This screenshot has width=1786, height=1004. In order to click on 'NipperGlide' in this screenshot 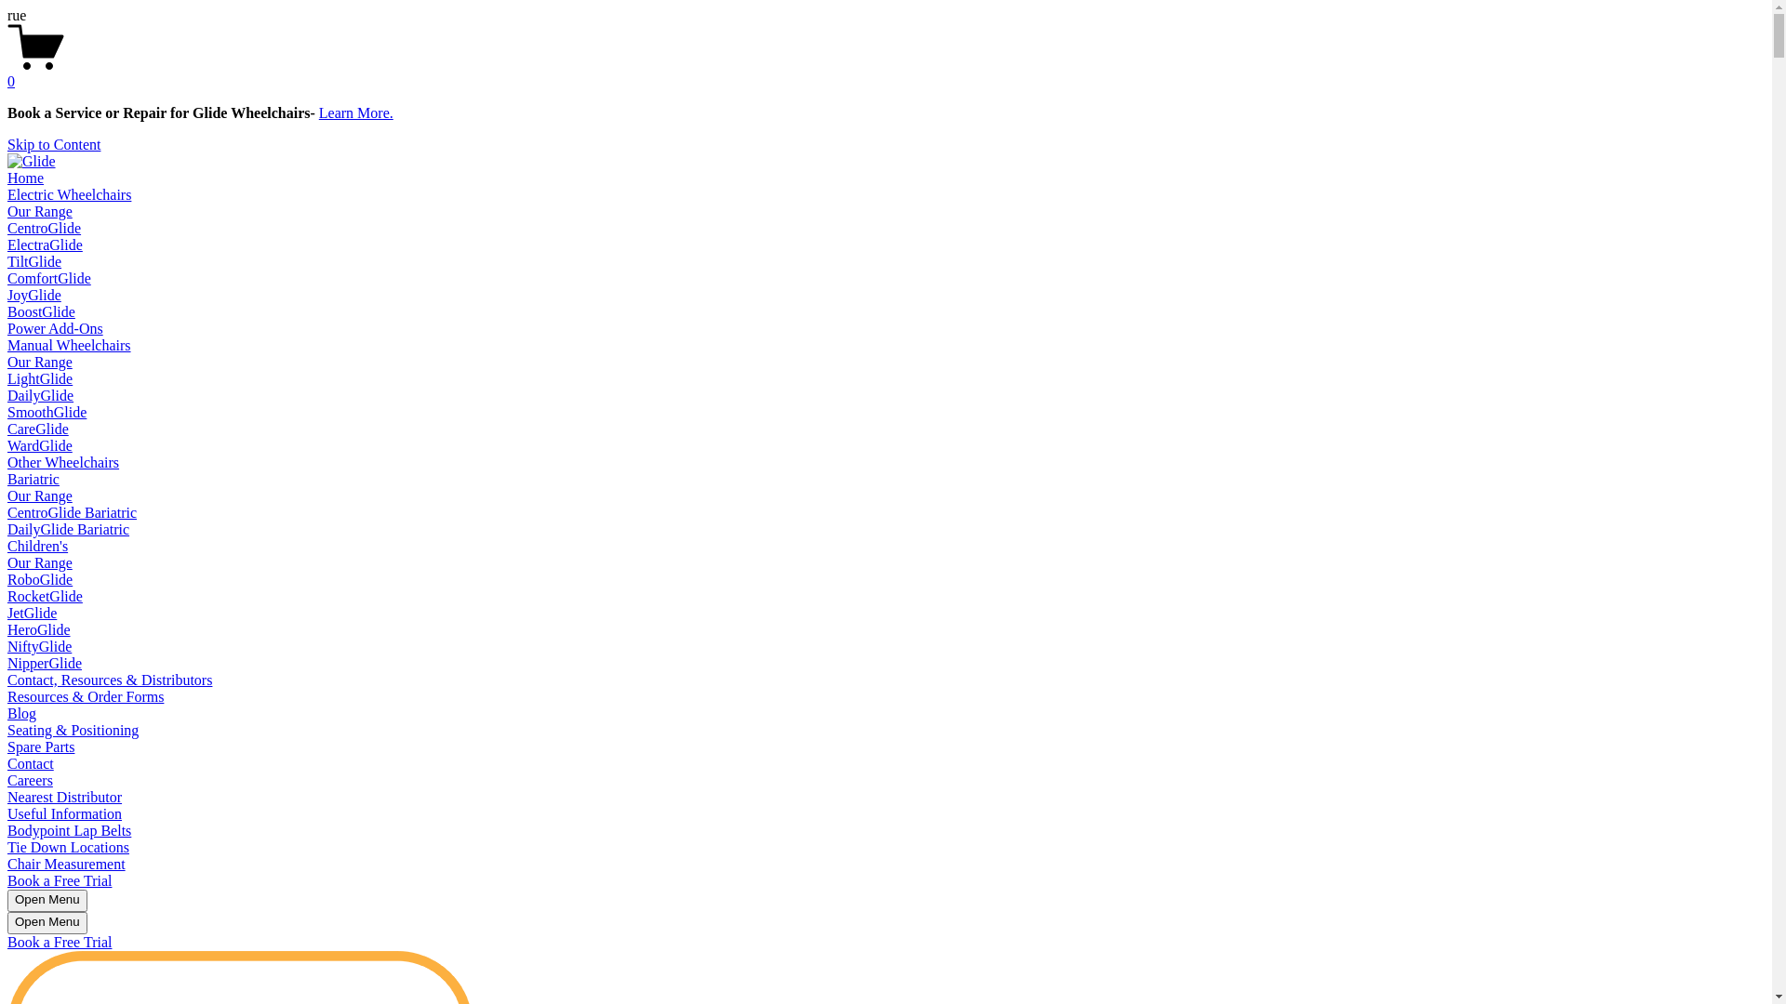, I will do `click(45, 662)`.